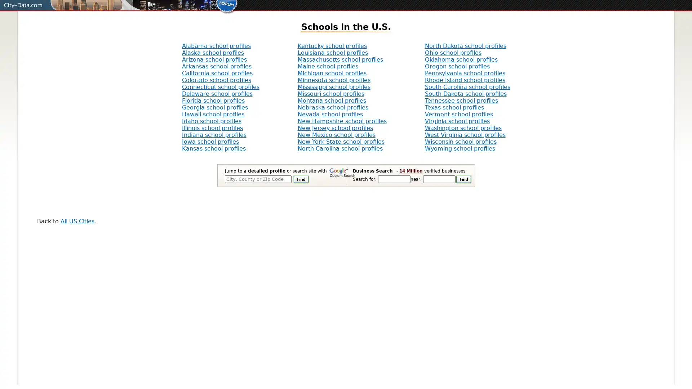 This screenshot has width=692, height=389. I want to click on Find It, so click(463, 179).